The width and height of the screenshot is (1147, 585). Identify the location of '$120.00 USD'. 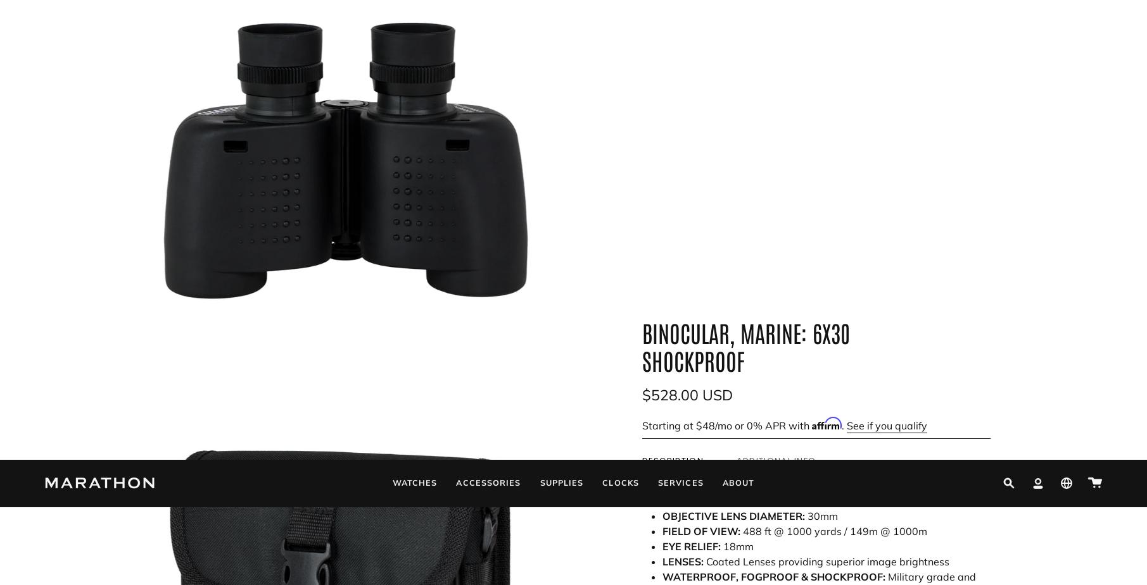
(987, 255).